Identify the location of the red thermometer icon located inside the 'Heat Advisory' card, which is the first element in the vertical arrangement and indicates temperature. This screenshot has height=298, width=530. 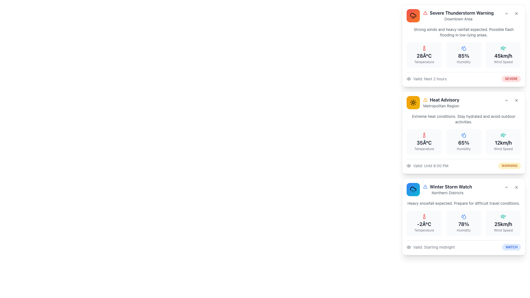
(424, 135).